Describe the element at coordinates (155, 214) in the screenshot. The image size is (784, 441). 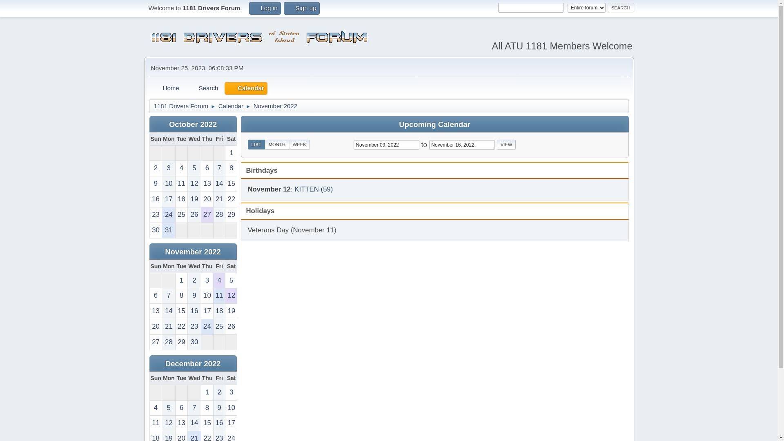
I see `'23'` at that location.